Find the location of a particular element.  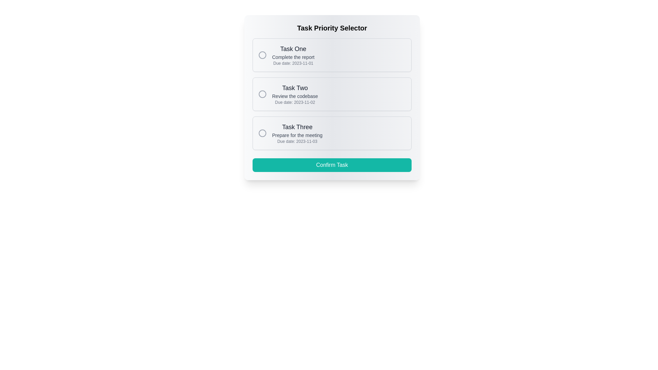

the text label that provides context about the task labeled 'Task Three', located near the center-right of the interface is located at coordinates (297, 135).